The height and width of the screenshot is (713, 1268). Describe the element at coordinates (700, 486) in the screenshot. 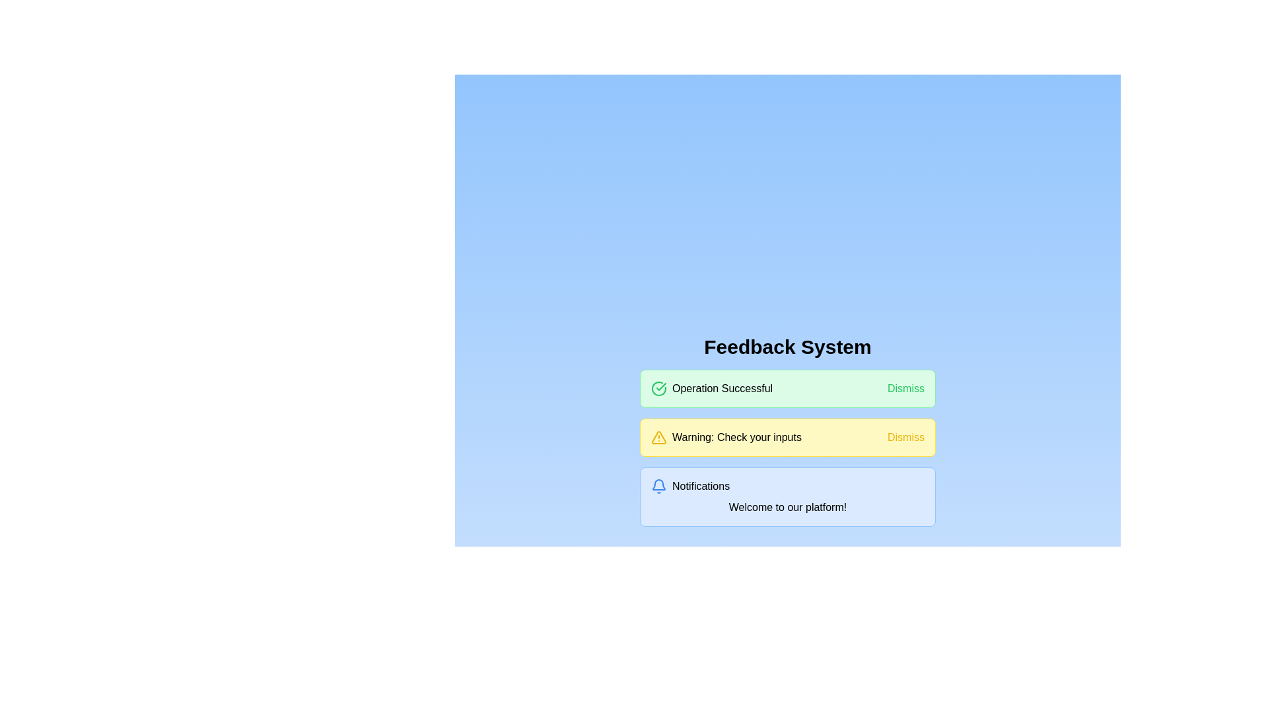

I see `the 'Notifications' label, which is part of the notification group, located immediately to the right of the bell icon in the light blue notification panel` at that location.